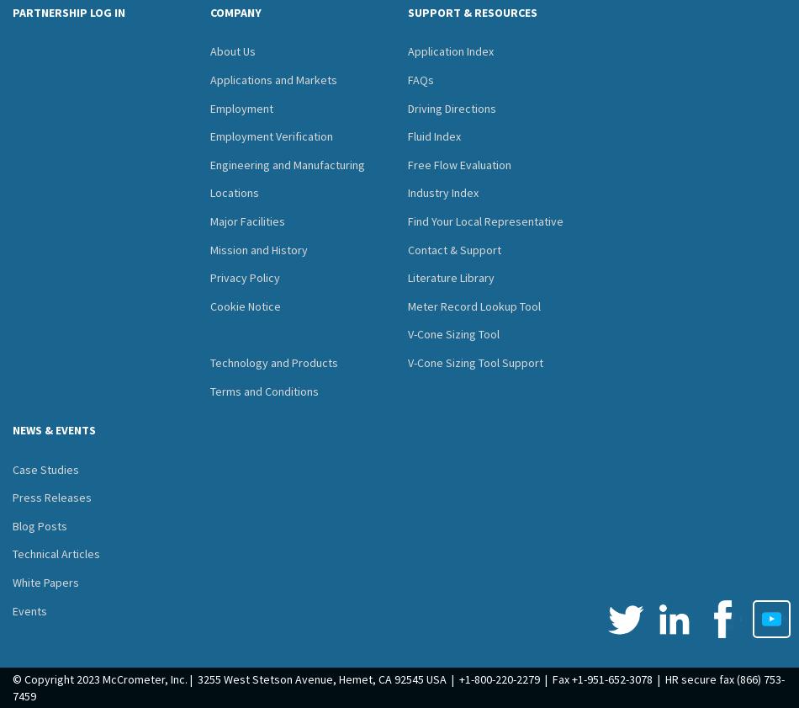 This screenshot has width=799, height=708. I want to click on 'Locations', so click(234, 192).